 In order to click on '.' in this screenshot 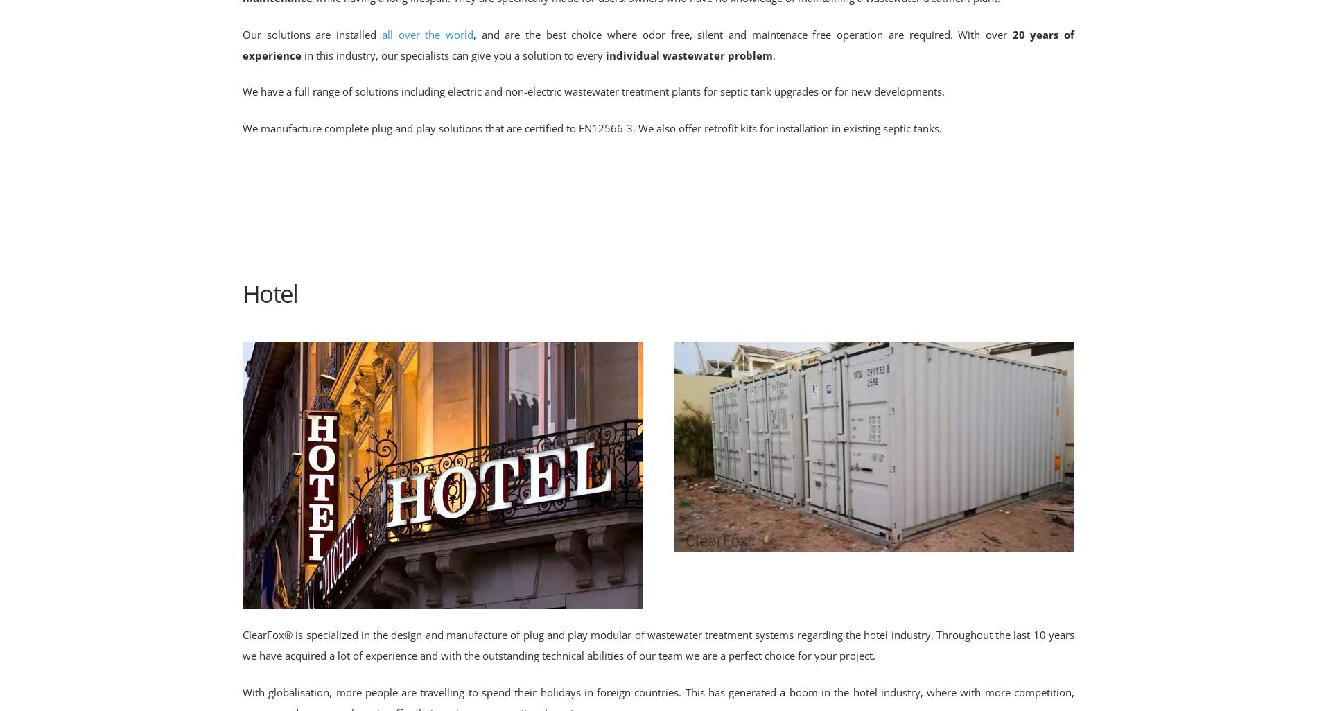, I will do `click(774, 54)`.